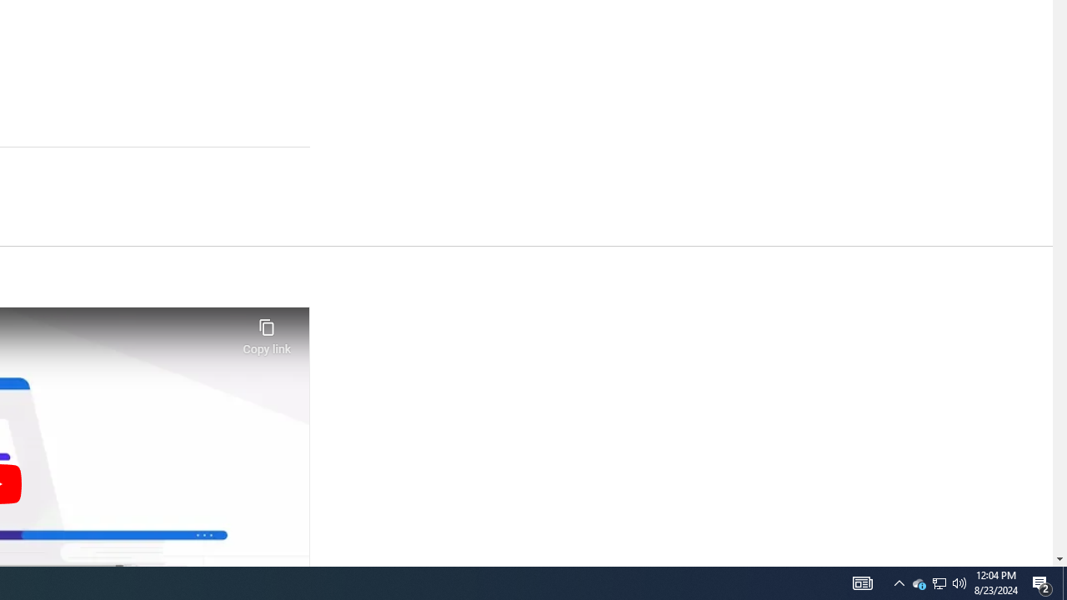 The height and width of the screenshot is (600, 1067). Describe the element at coordinates (267, 332) in the screenshot. I see `'Copy link'` at that location.